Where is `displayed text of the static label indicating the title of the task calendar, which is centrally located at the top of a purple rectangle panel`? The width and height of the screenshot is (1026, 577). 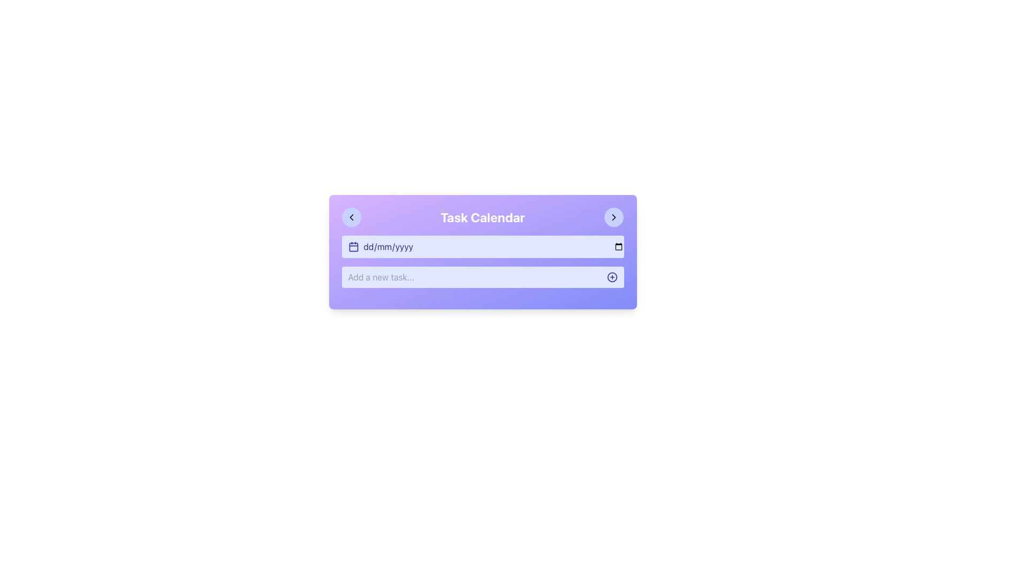 displayed text of the static label indicating the title of the task calendar, which is centrally located at the top of a purple rectangle panel is located at coordinates (482, 217).